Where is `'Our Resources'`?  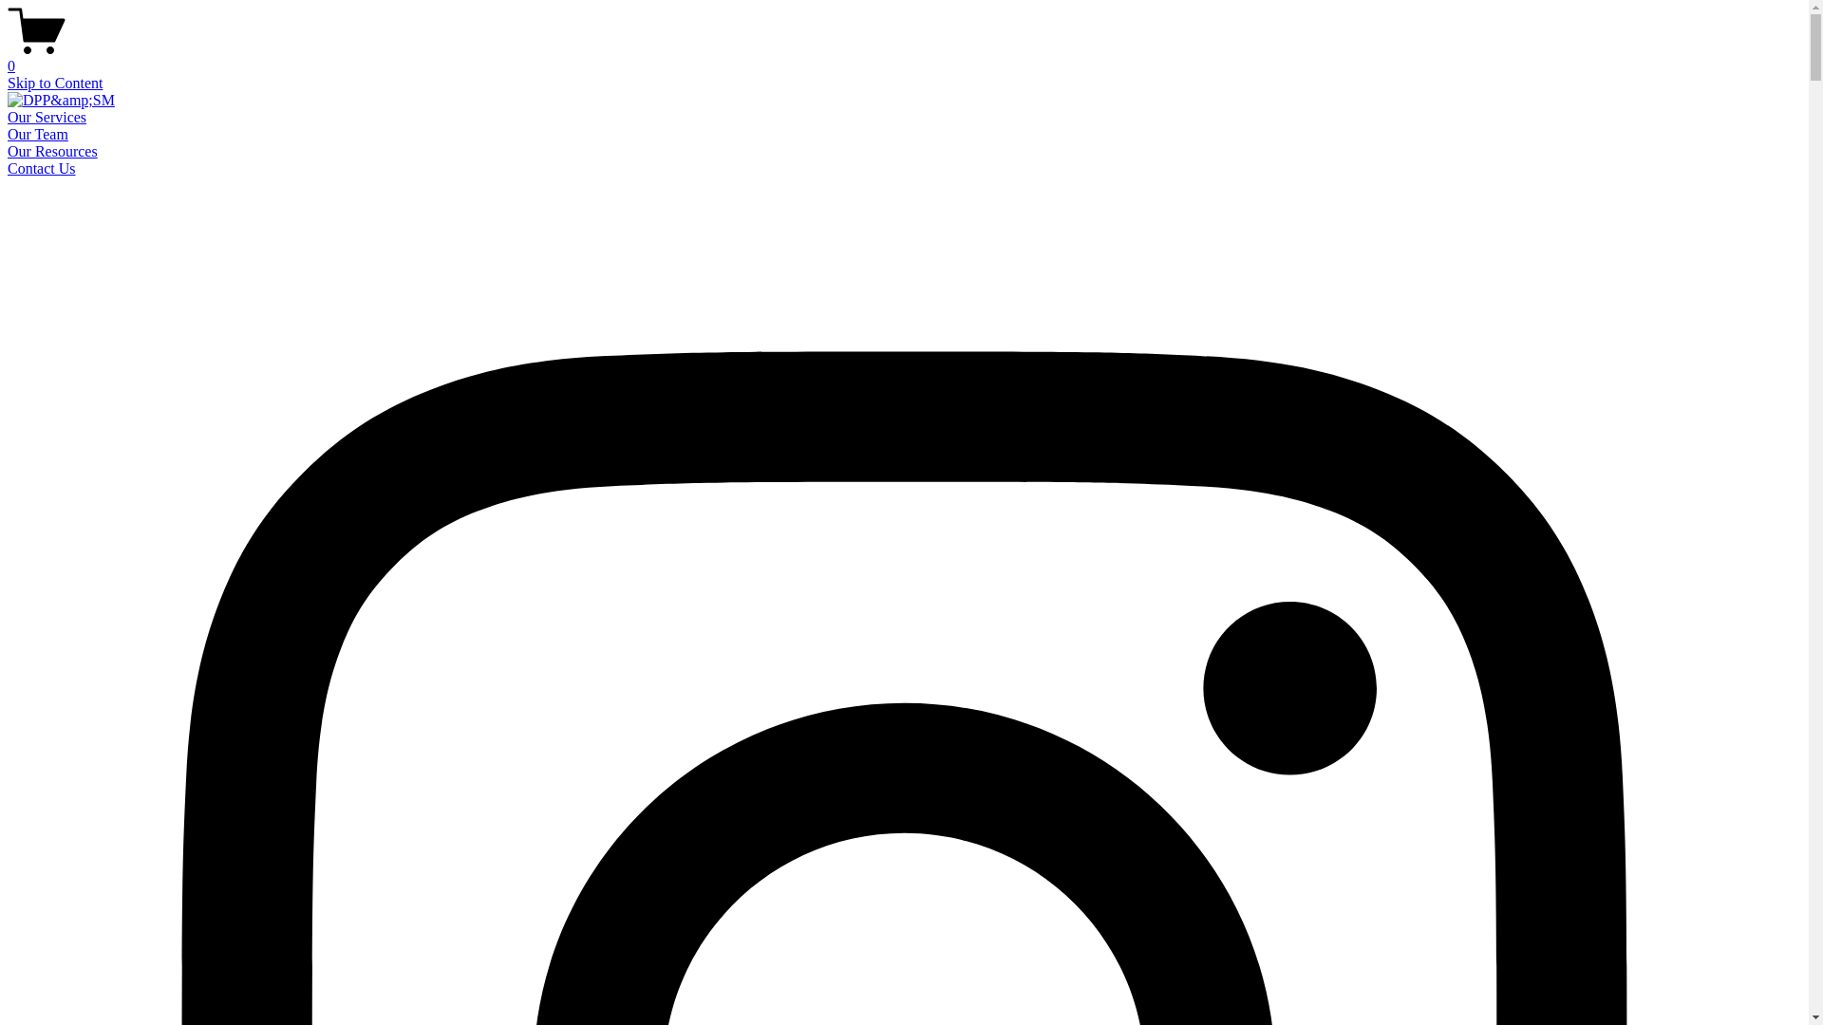 'Our Resources' is located at coordinates (52, 150).